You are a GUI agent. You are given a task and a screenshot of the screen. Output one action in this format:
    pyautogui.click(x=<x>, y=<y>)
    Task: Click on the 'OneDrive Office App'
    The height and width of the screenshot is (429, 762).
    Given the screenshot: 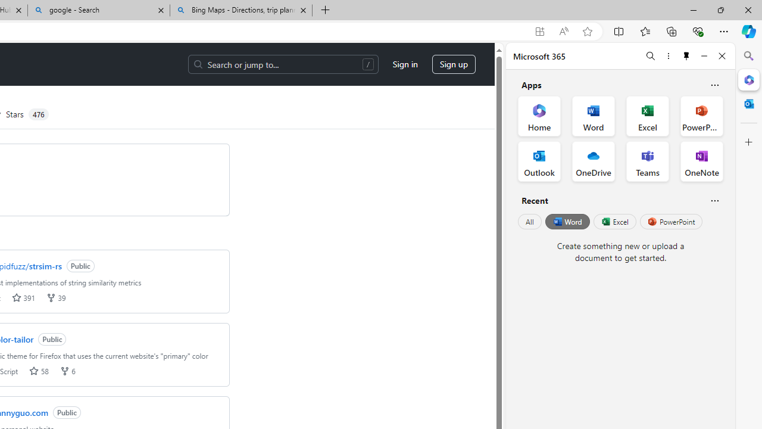 What is the action you would take?
    pyautogui.click(x=594, y=161)
    